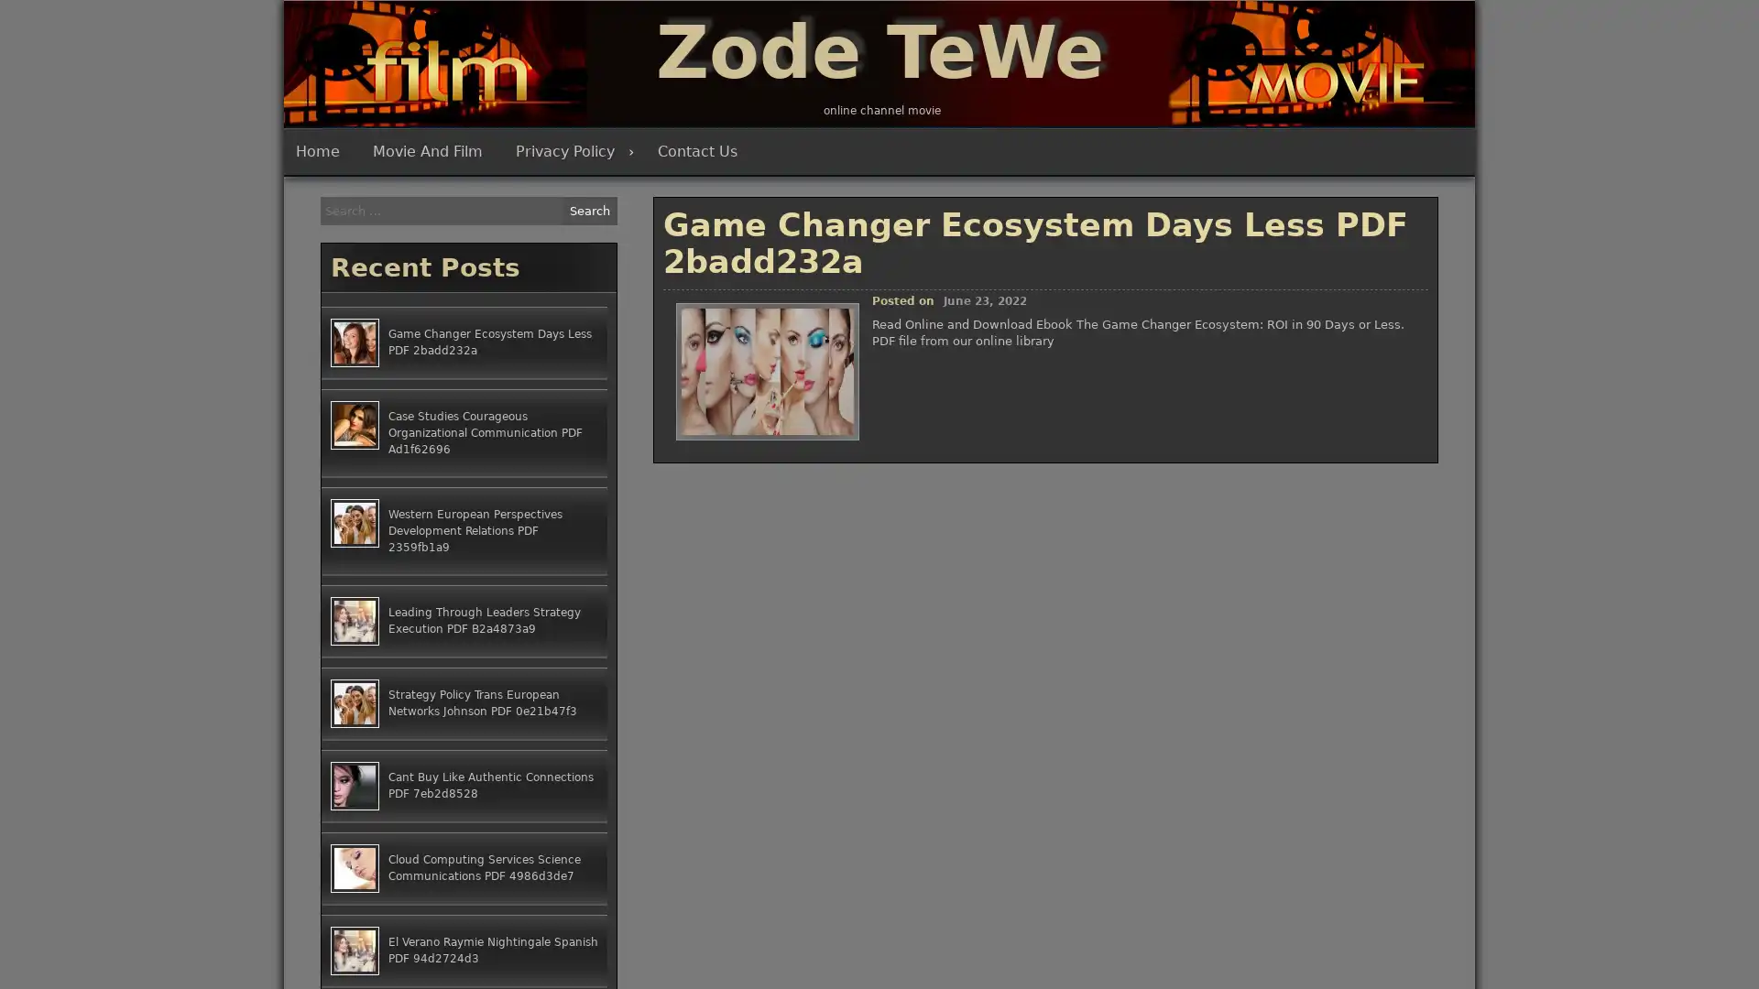 This screenshot has width=1759, height=989. What do you see at coordinates (589, 210) in the screenshot?
I see `Search` at bounding box center [589, 210].